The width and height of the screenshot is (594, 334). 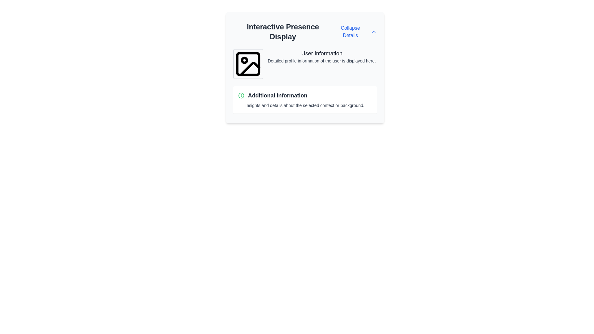 I want to click on the small black and white circular element, which is a filled dot located within the larger image icon in the top-left section of the user information card, so click(x=244, y=60).